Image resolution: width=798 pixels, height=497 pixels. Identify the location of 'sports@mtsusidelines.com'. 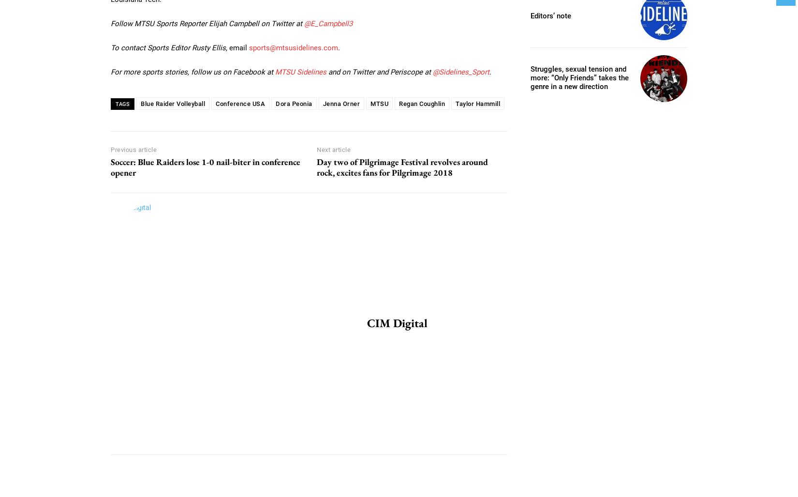
(293, 46).